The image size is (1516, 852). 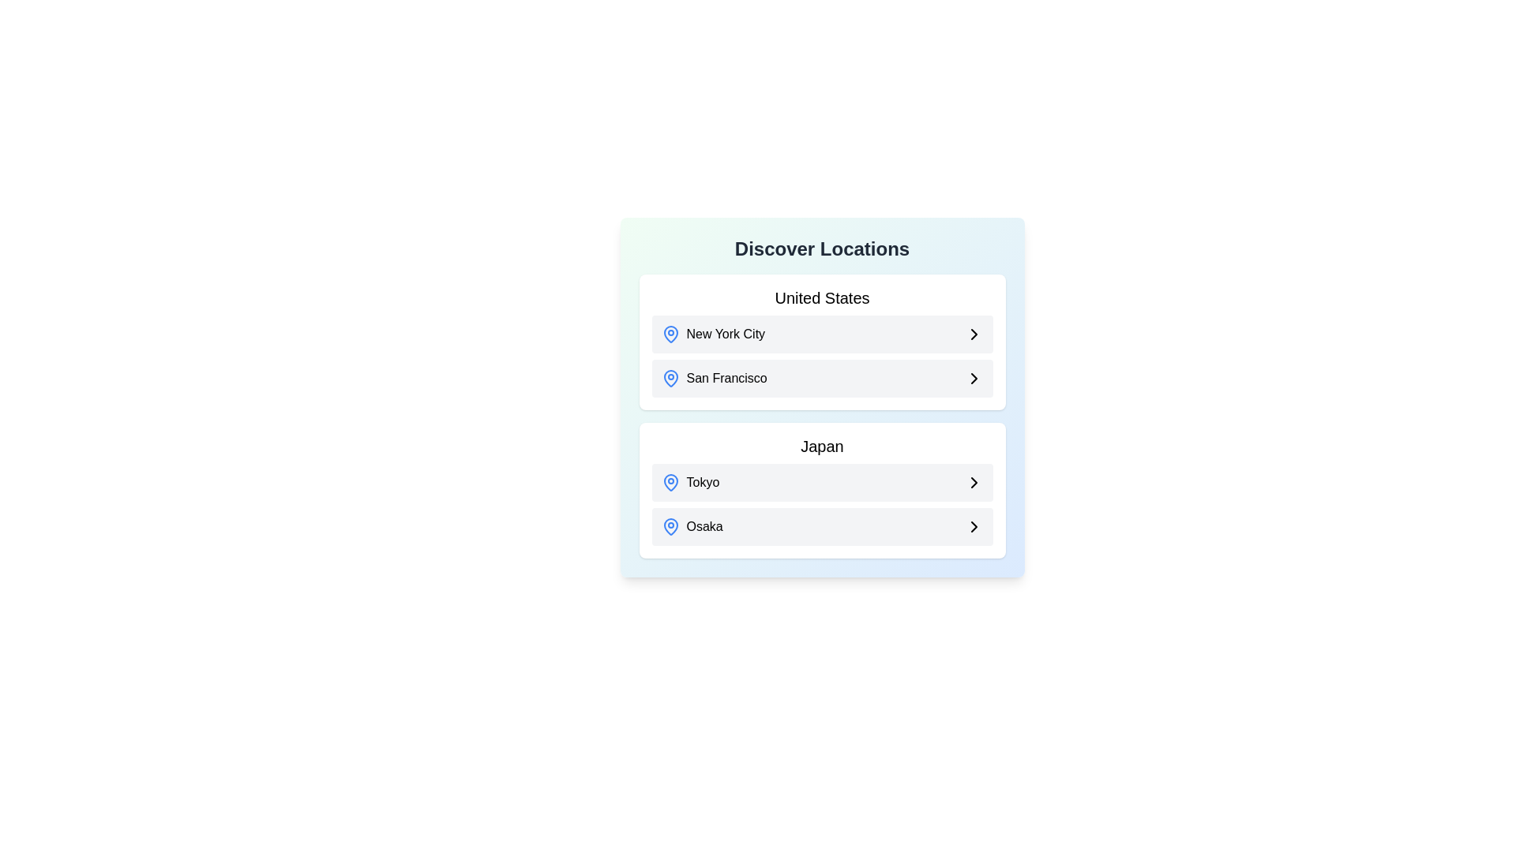 What do you see at coordinates (726, 378) in the screenshot?
I see `the 'San Francisco' text label` at bounding box center [726, 378].